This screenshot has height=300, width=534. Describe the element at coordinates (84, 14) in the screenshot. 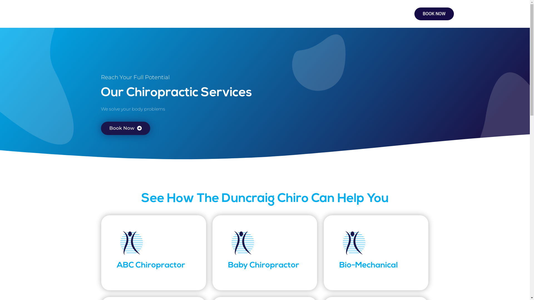

I see `'HOME'` at that location.